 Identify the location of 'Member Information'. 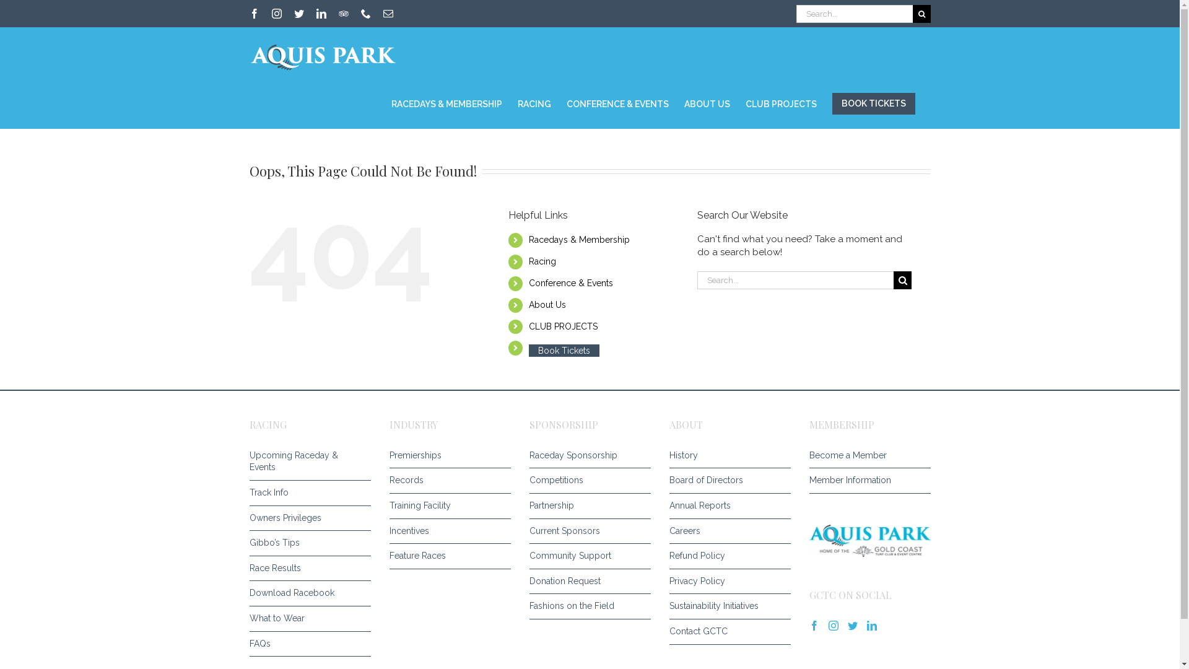
(865, 479).